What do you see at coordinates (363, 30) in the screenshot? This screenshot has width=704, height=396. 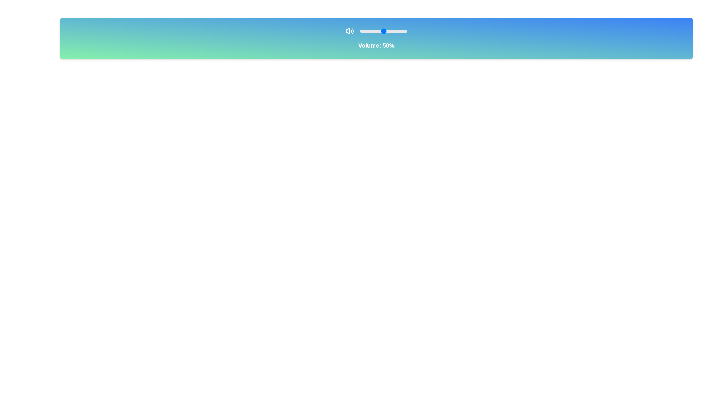 I see `the volume level on the slider` at bounding box center [363, 30].